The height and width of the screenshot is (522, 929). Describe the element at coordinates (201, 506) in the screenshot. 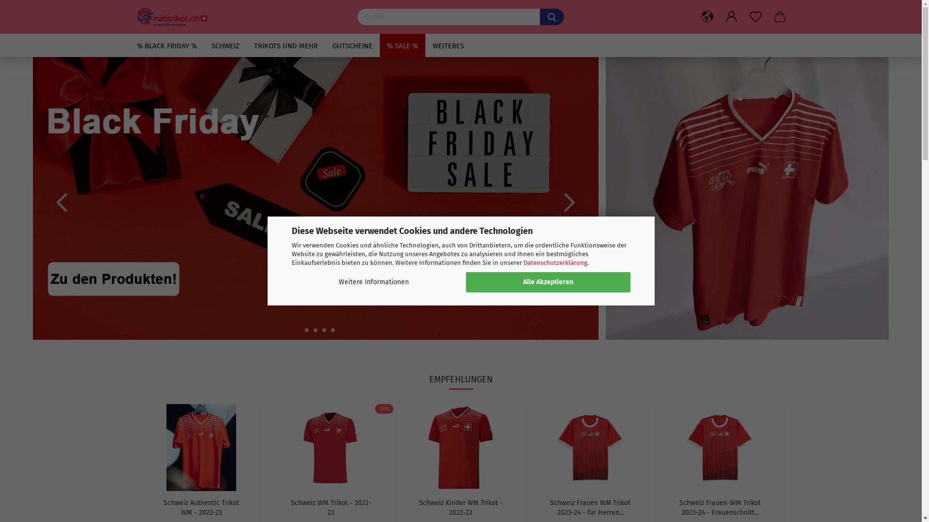

I see `'Schweiz Authentic Trikot WM - 2022-23'` at that location.